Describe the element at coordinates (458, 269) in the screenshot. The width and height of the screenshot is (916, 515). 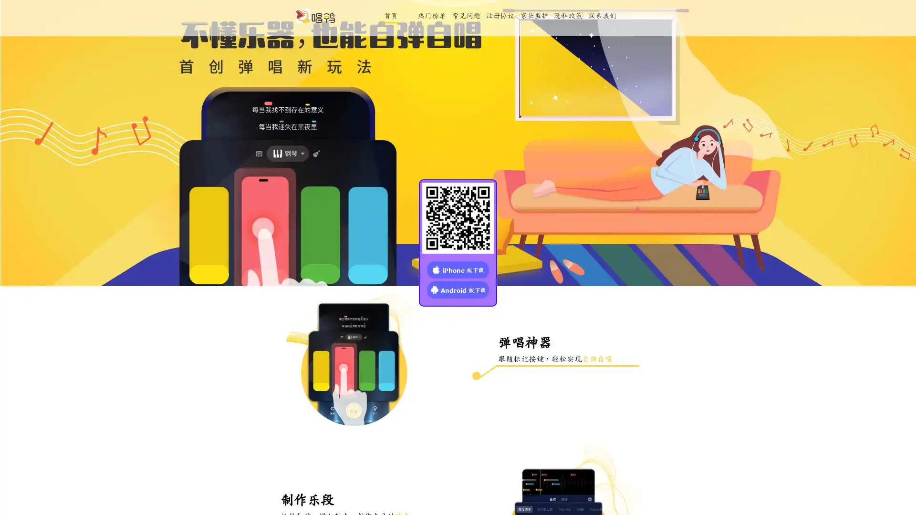
I see `iPhone` at that location.